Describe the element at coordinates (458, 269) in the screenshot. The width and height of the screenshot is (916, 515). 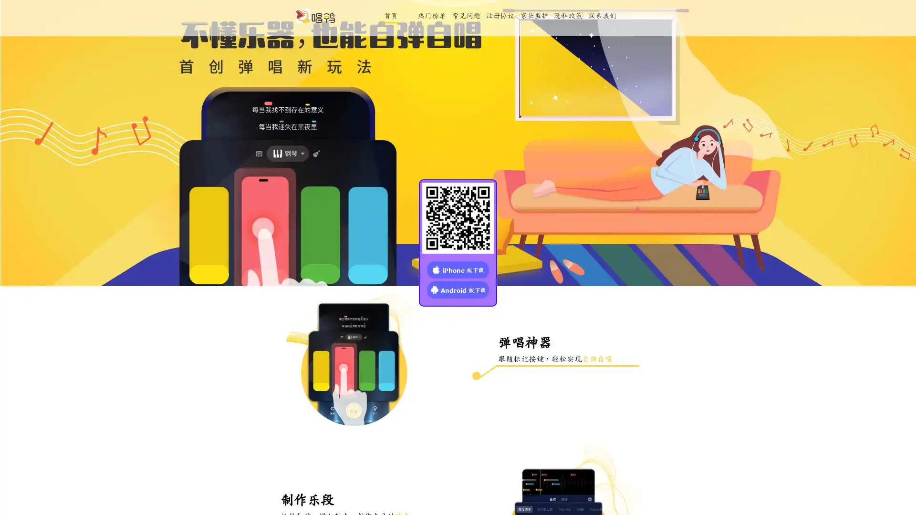
I see `iPhone` at that location.